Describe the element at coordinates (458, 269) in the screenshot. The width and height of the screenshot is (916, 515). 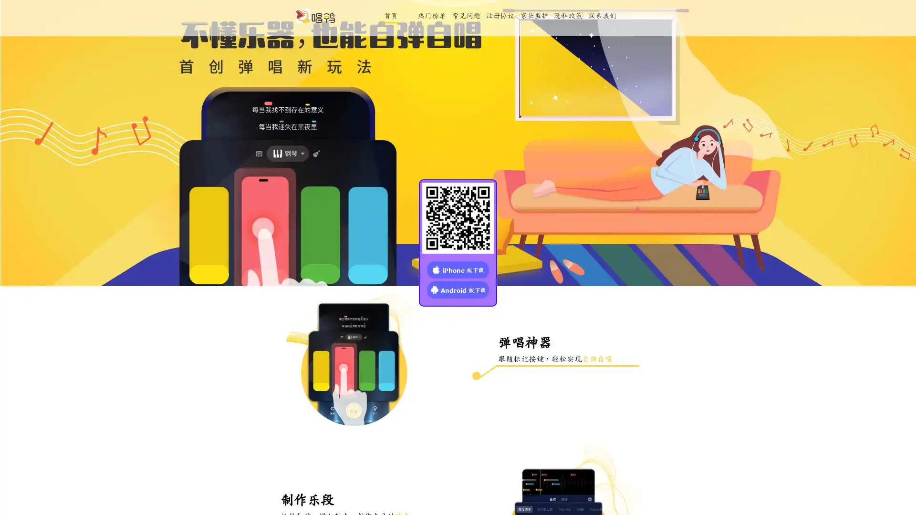
I see `iPhone` at that location.